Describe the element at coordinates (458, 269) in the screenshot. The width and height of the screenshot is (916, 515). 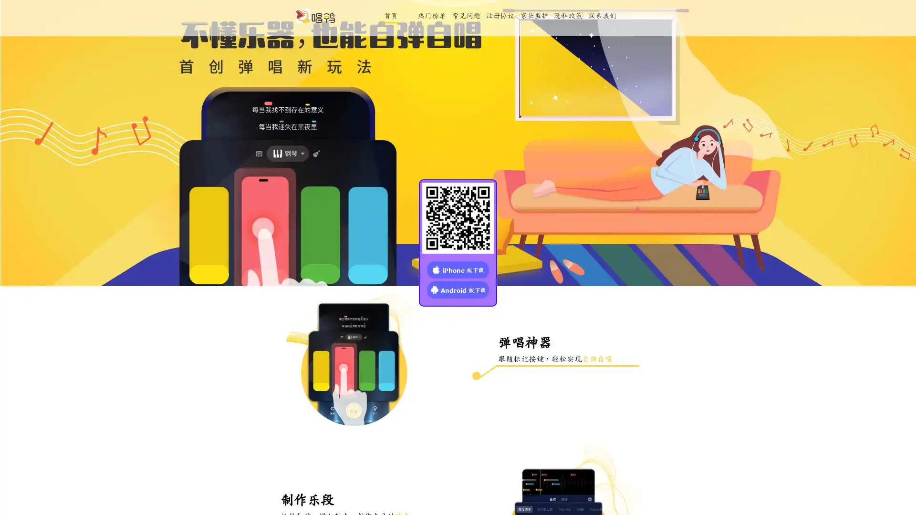
I see `iPhone` at that location.